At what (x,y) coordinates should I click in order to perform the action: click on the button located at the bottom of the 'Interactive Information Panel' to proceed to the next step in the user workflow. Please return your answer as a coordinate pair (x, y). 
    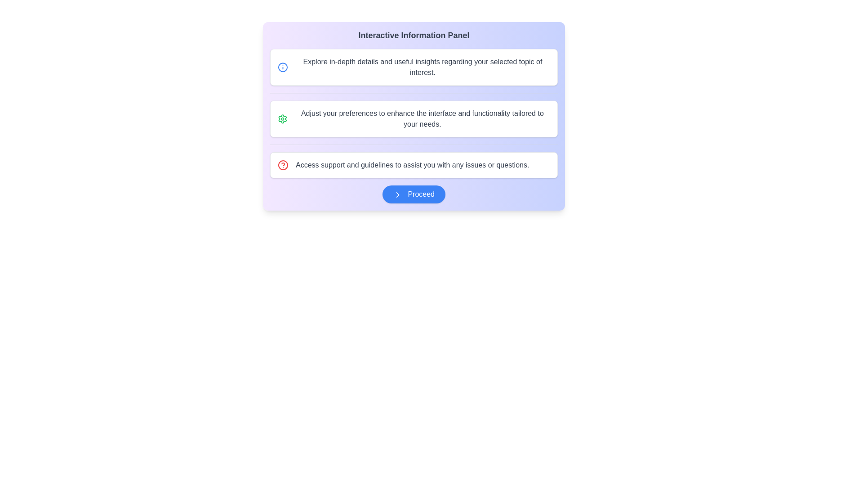
    Looking at the image, I should click on (414, 194).